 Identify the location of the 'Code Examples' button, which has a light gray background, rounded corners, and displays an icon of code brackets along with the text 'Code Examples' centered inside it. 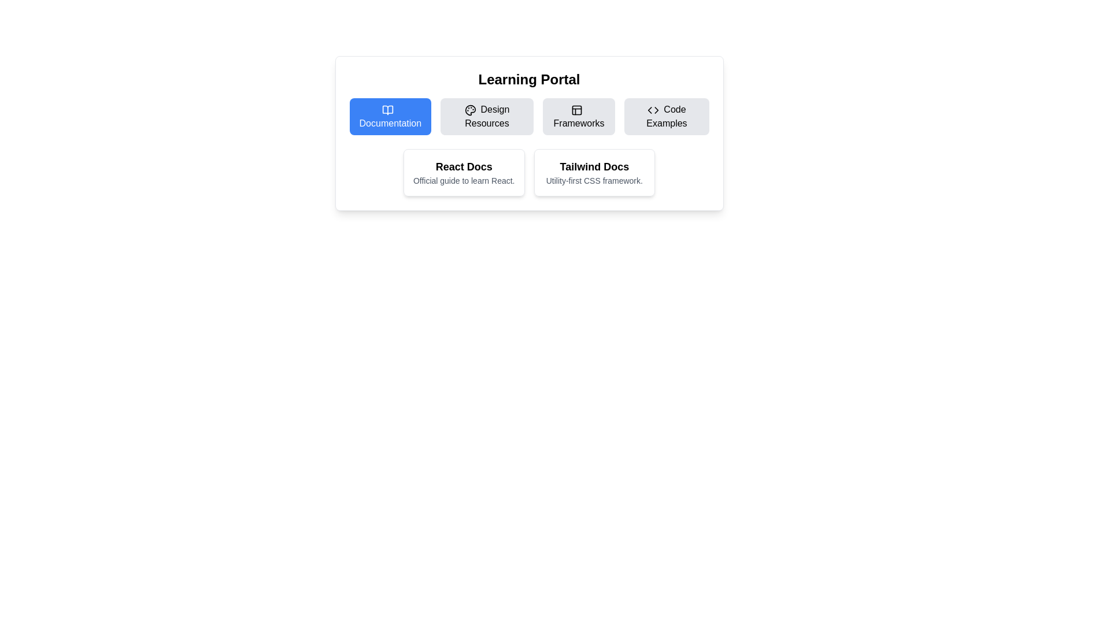
(667, 116).